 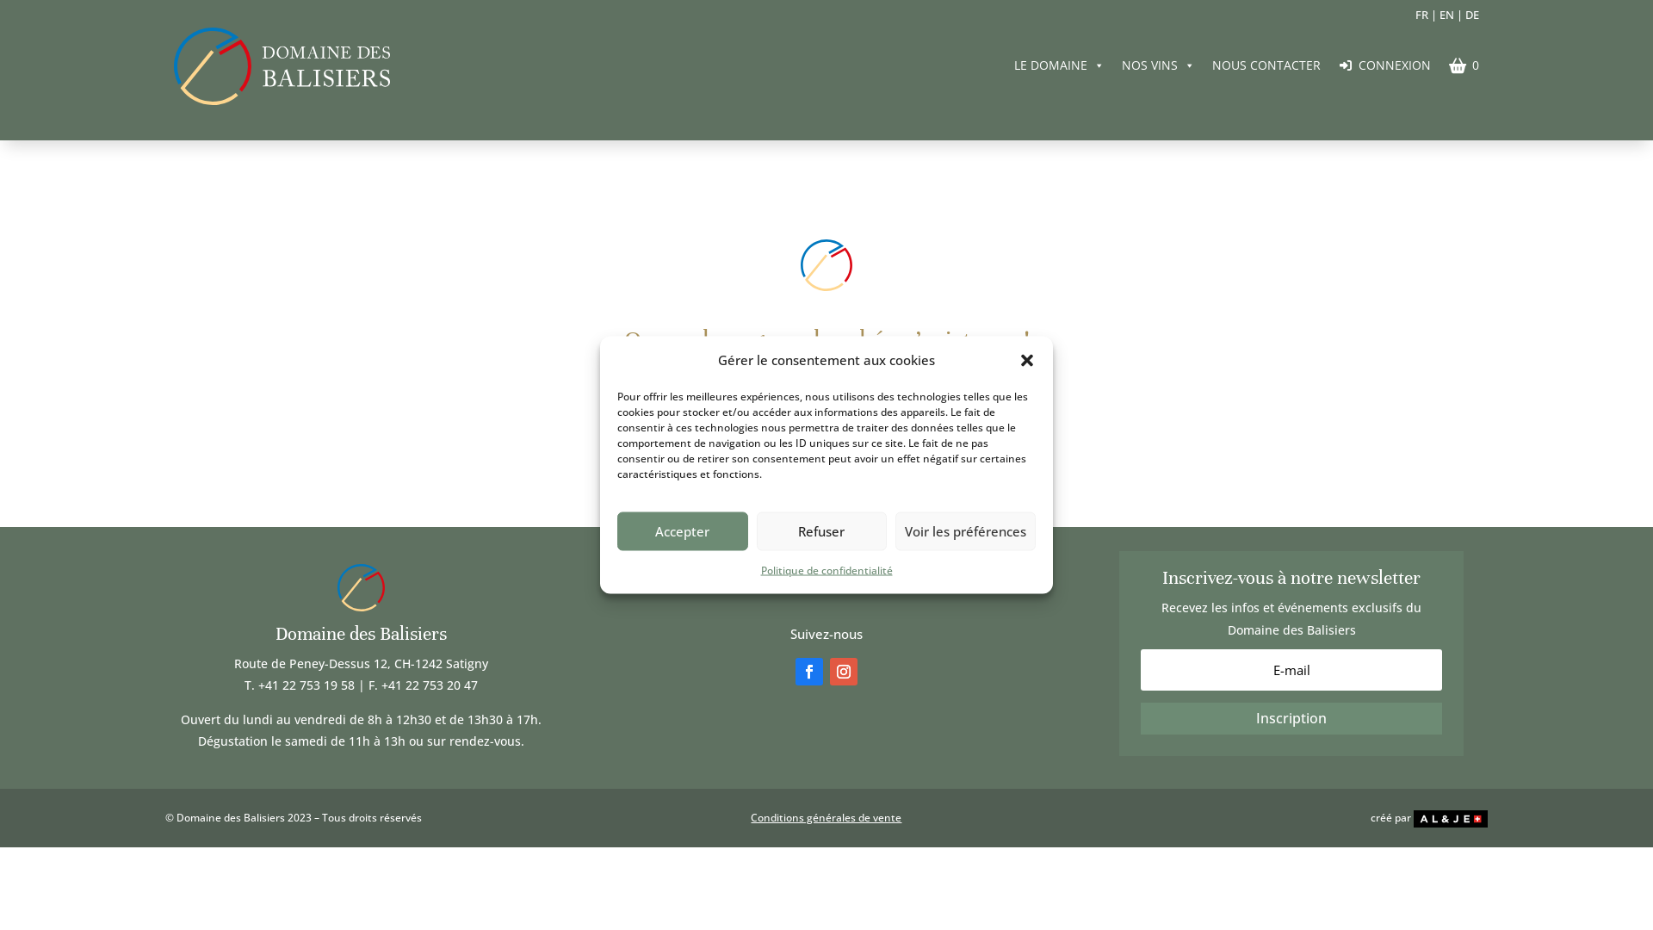 What do you see at coordinates (1415, 14) in the screenshot?
I see `'FR'` at bounding box center [1415, 14].